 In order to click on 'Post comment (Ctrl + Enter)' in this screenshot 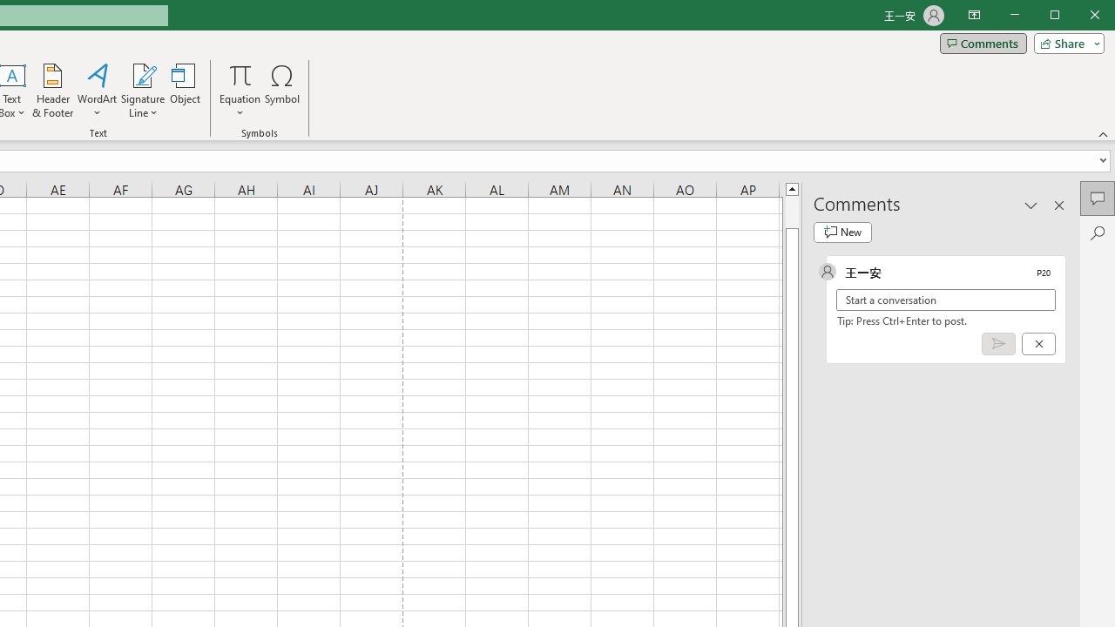, I will do `click(998, 344)`.